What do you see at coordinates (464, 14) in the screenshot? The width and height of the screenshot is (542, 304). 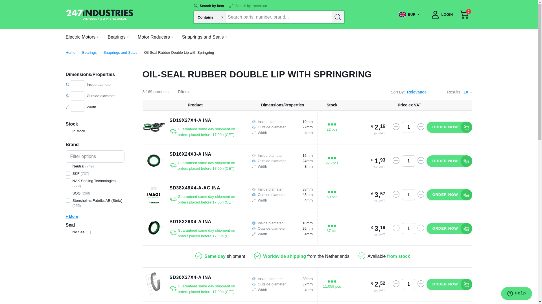 I see `'0'` at bounding box center [464, 14].